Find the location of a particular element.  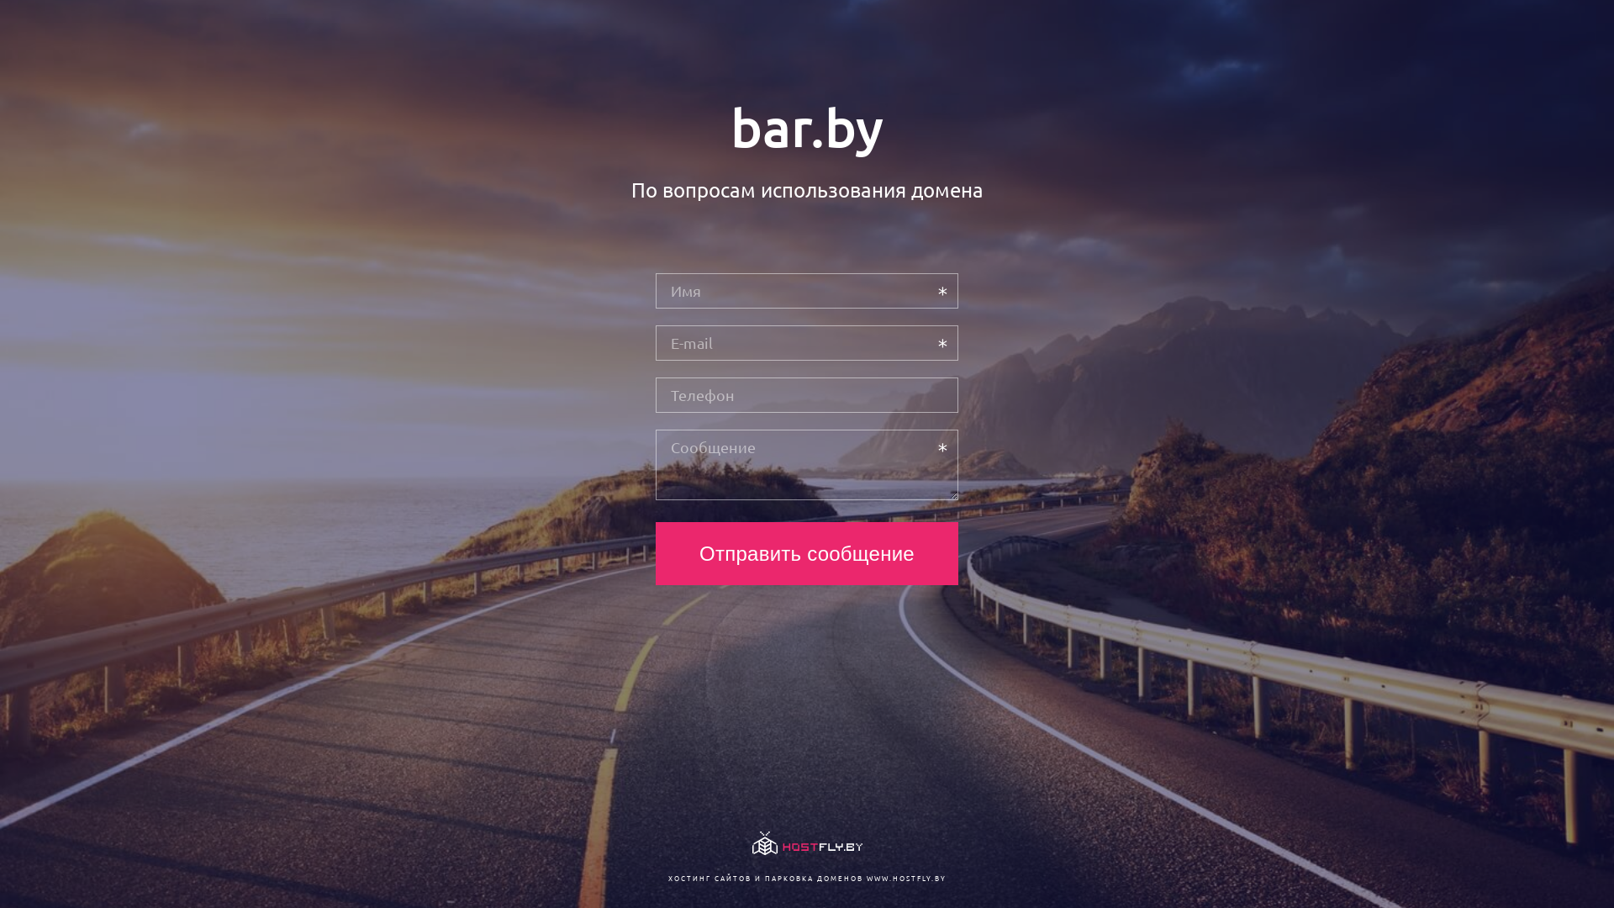

'WWW.HOSTFLY.BY' is located at coordinates (905, 877).